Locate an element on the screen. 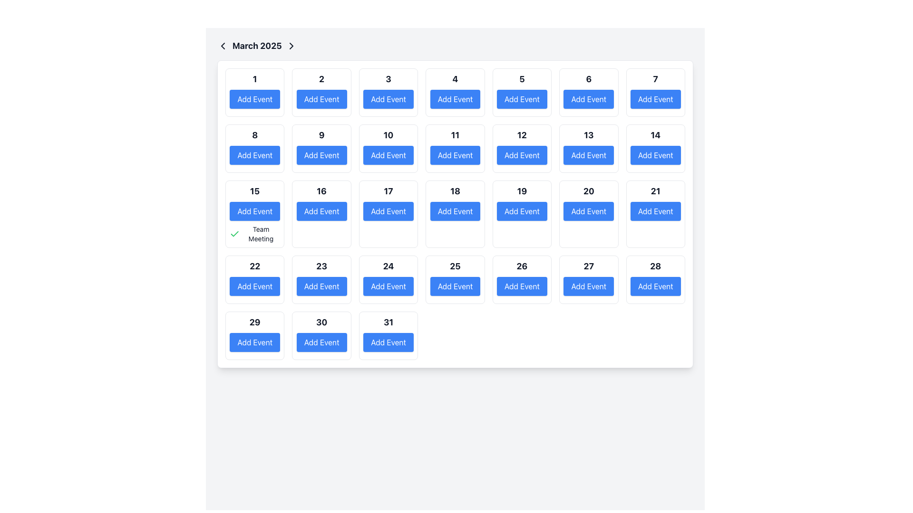  the static text label representing the date '3' in the calendar interface, located under March 2025 in the first row, third column of the grid layout is located at coordinates (388, 78).